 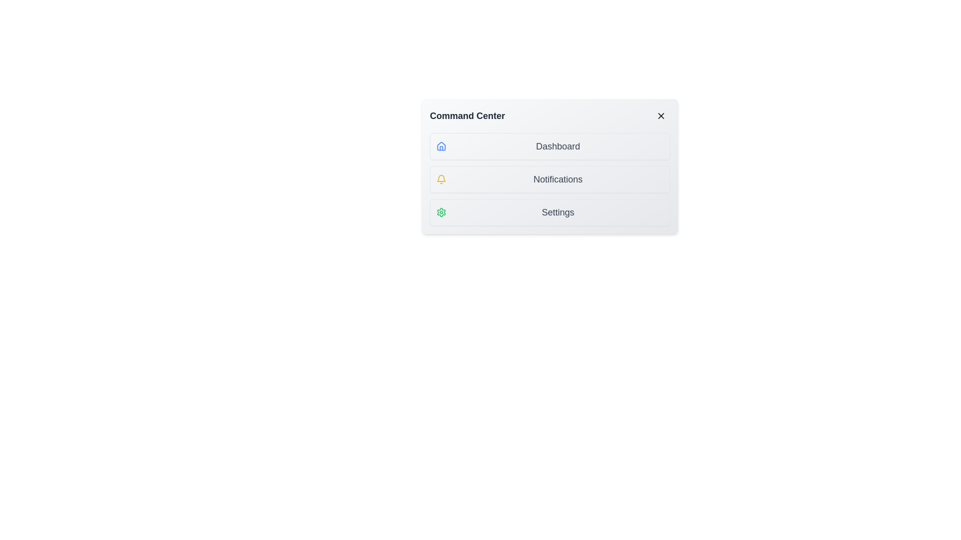 What do you see at coordinates (557, 178) in the screenshot?
I see `the text label that indicates the notifications section, which is located to the right of a yellow bell icon in the second option of a vertically stacked menu` at bounding box center [557, 178].